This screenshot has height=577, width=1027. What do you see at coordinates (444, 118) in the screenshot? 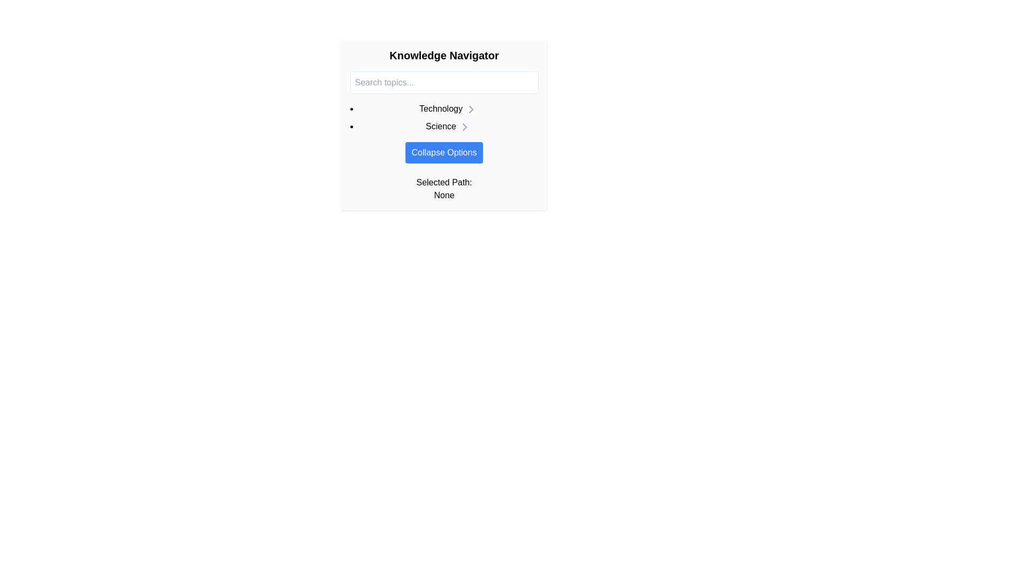
I see `the 'Technology' entry in the navigational menu located below the search bar and above the 'Collapse Options' button within the 'Knowledge Navigator' section` at bounding box center [444, 118].